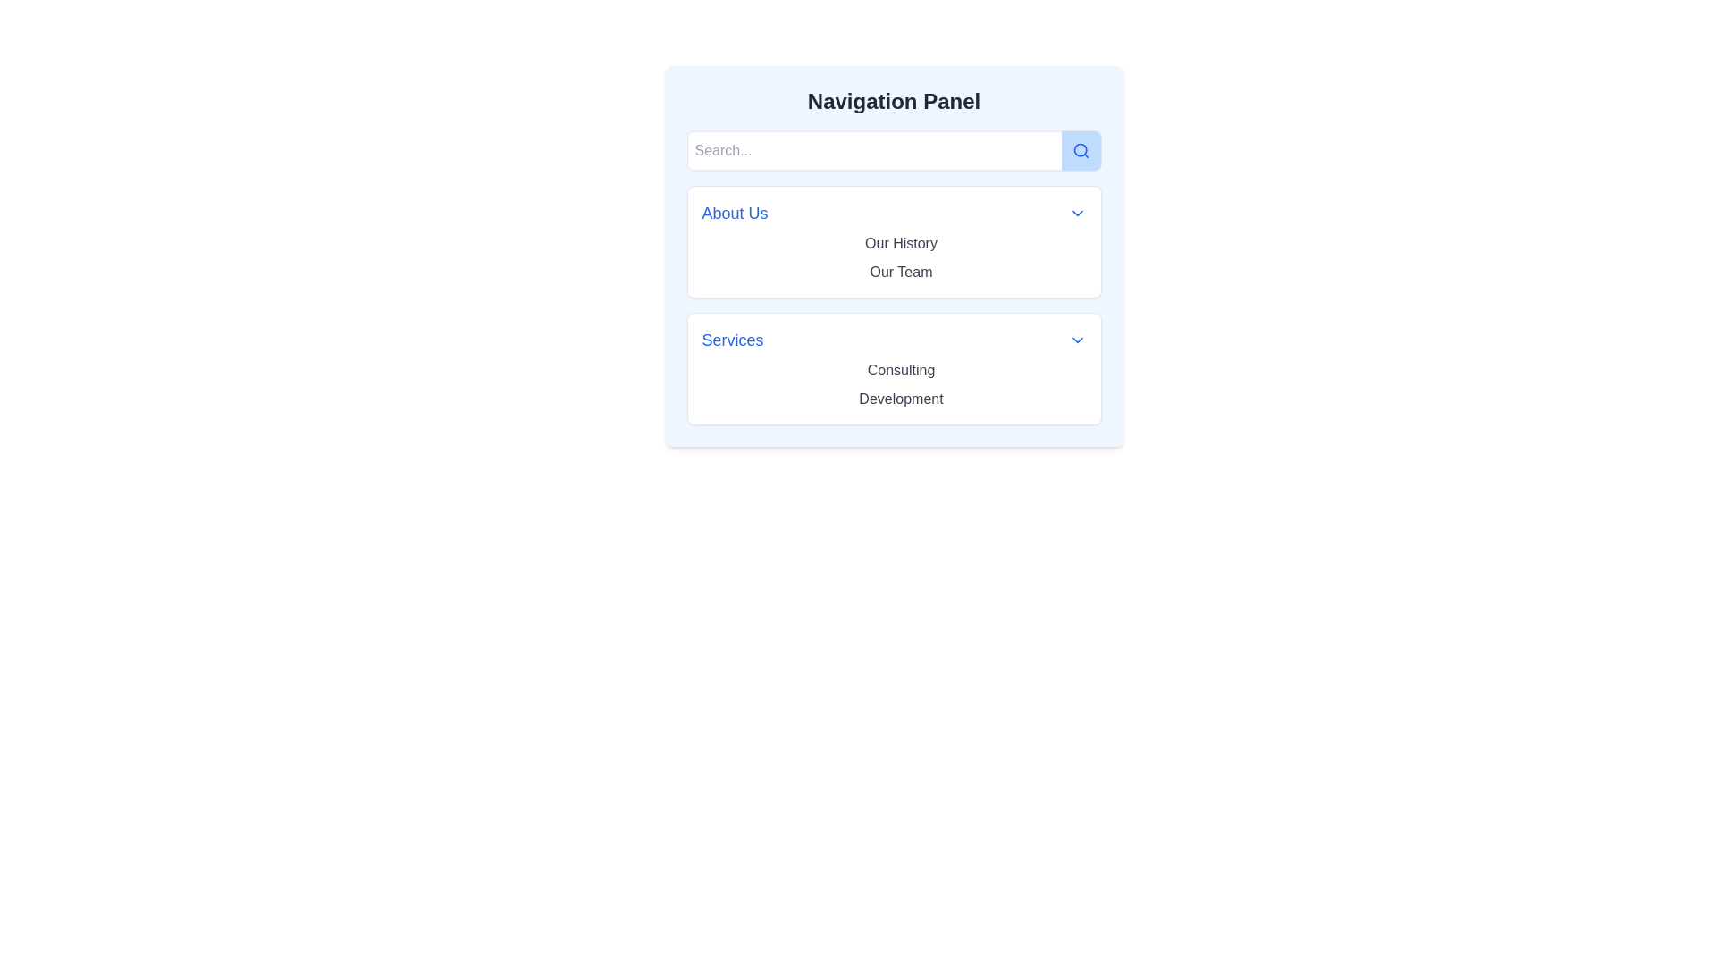 This screenshot has height=965, width=1716. Describe the element at coordinates (901, 370) in the screenshot. I see `the first item in the 'Services' dropdown list which is a hyperlink for 'Consulting'` at that location.